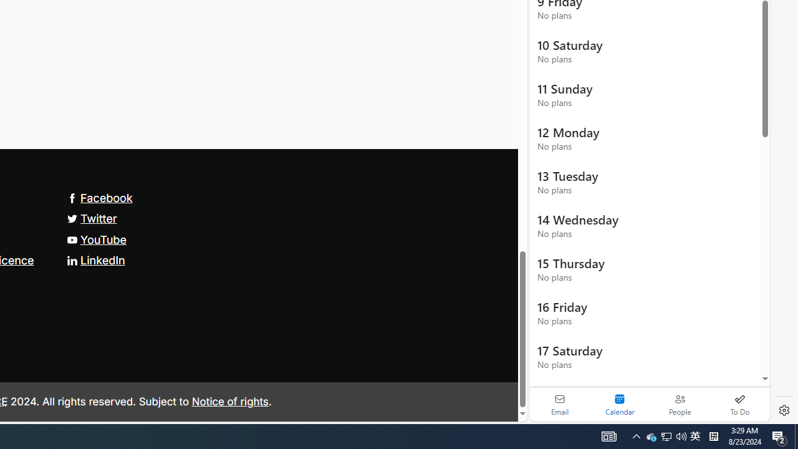  Describe the element at coordinates (230, 401) in the screenshot. I see `'Notice of rights'` at that location.